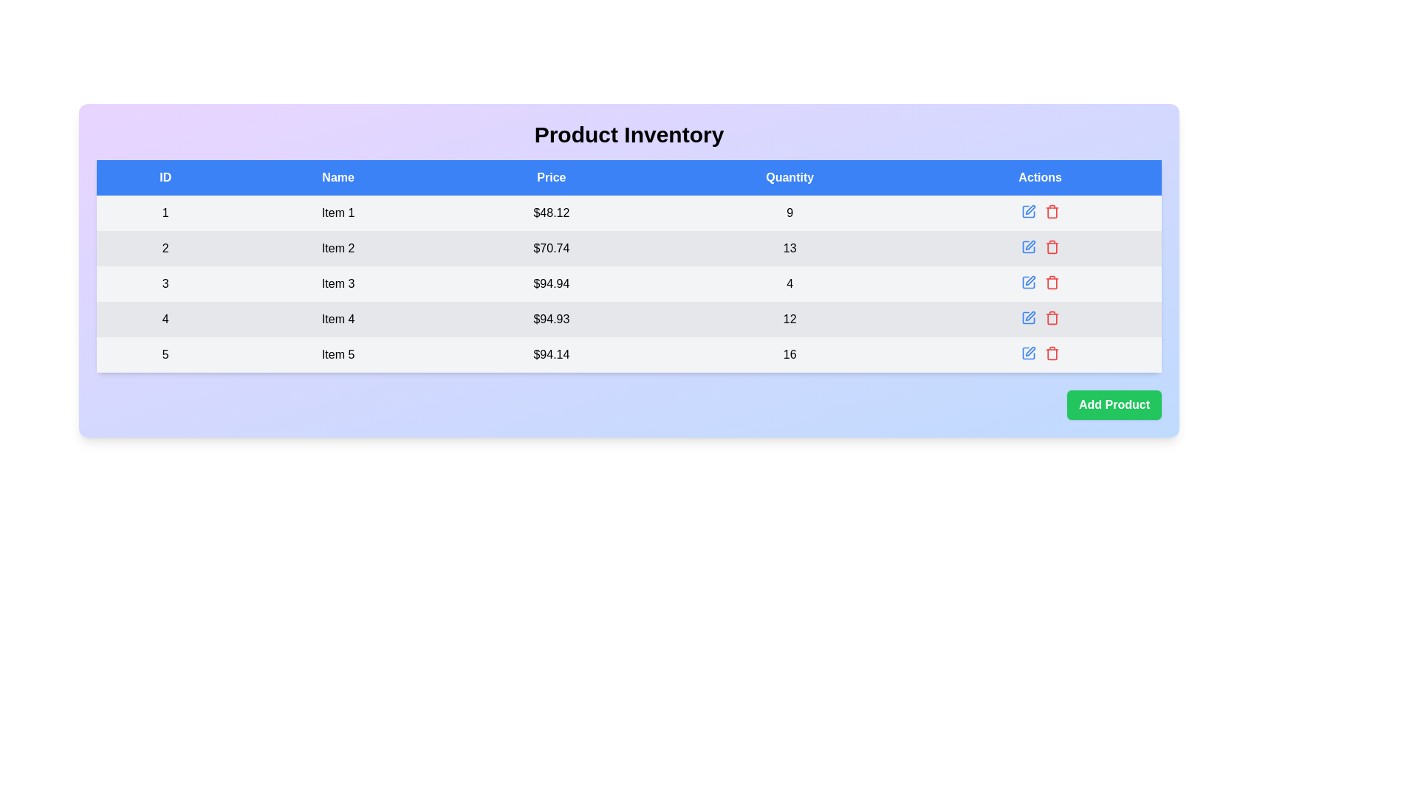 This screenshot has width=1418, height=797. I want to click on the 'Product Inventory' header title, which is a non-interactive text label located centrally at the top of the section above the product details table, so click(628, 134).